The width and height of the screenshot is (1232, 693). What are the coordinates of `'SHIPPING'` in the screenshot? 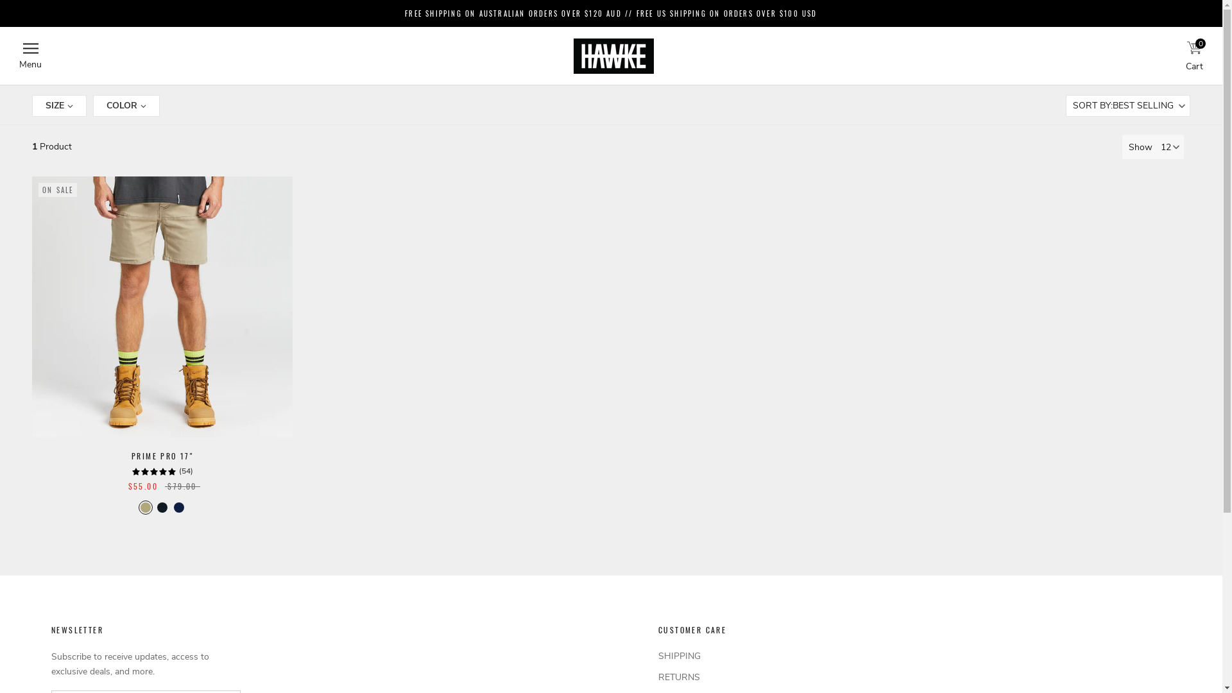 It's located at (705, 656).